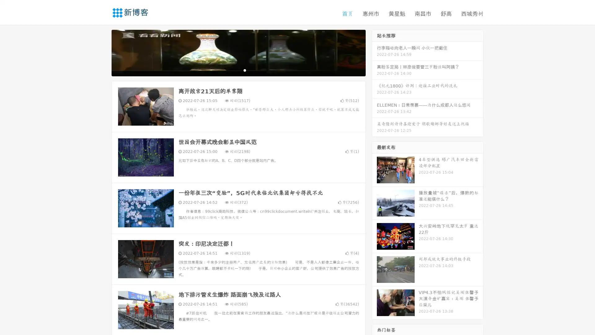  Describe the element at coordinates (238, 70) in the screenshot. I see `Go to slide 2` at that location.